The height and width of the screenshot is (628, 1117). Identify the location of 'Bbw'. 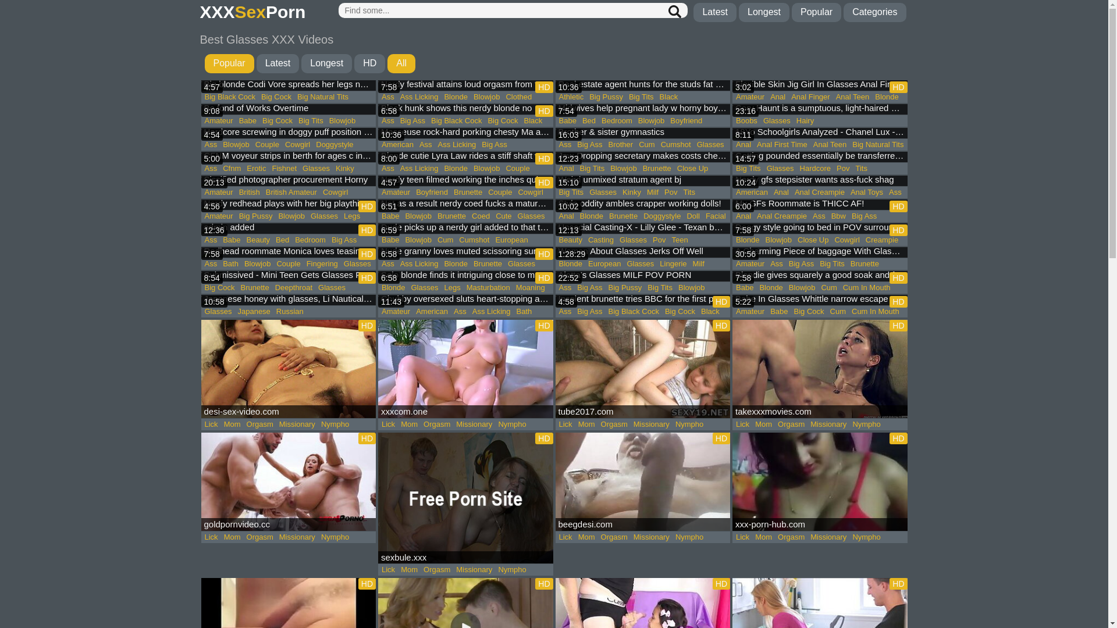
(838, 216).